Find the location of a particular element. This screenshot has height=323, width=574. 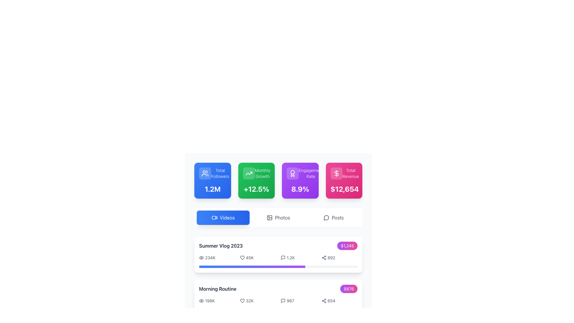

the Text display showing the engagement rate metric located at the bottom section of the purple card labeled 'Engagement Rate' is located at coordinates (300, 189).